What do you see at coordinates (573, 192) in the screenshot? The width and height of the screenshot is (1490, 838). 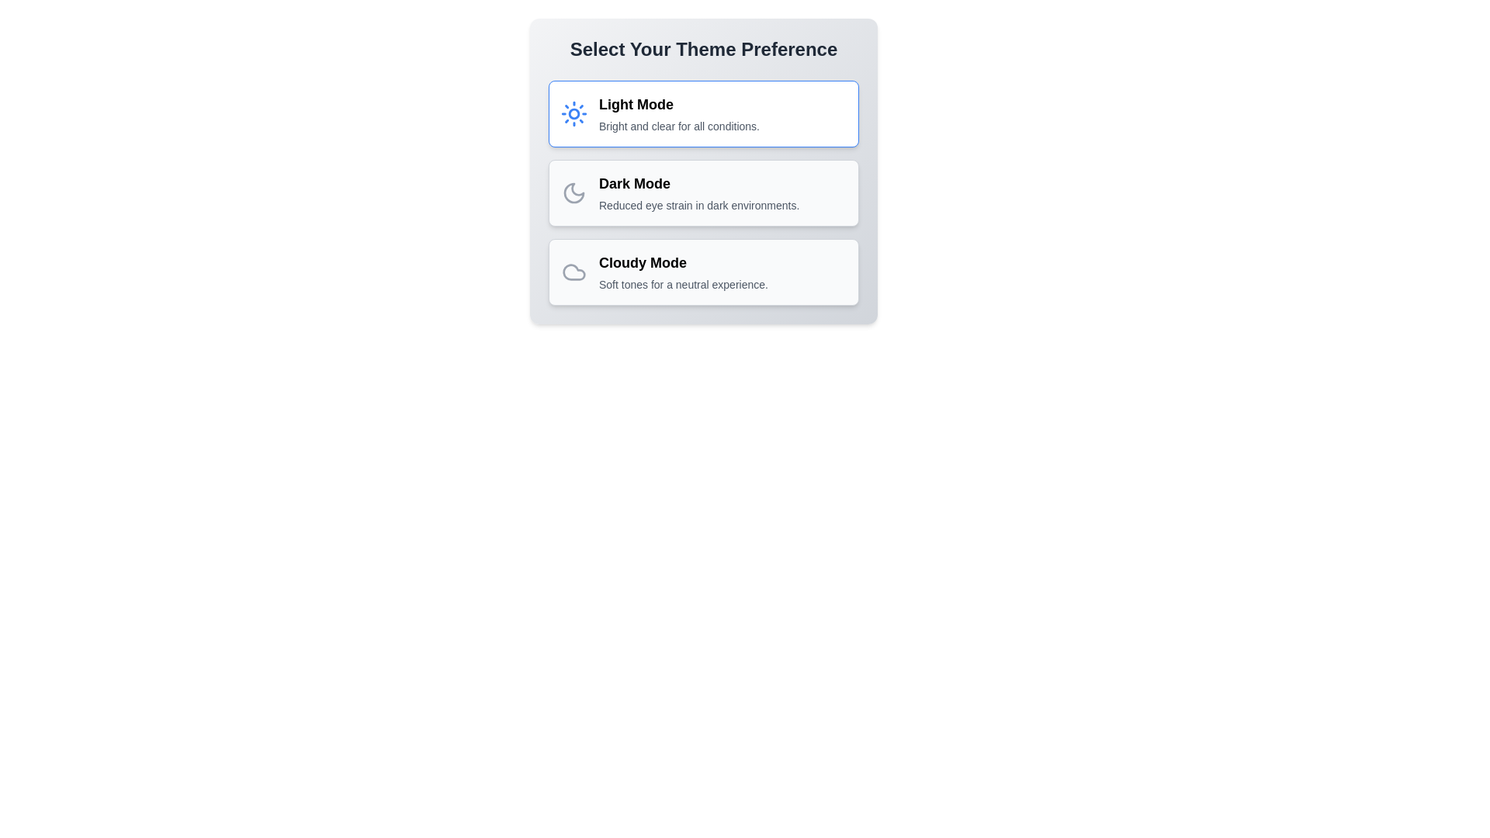 I see `the crescent moon icon in the 'Dark Mode' option of the user interface, which is positioned to the left of the 'Dark Mode' text` at bounding box center [573, 192].